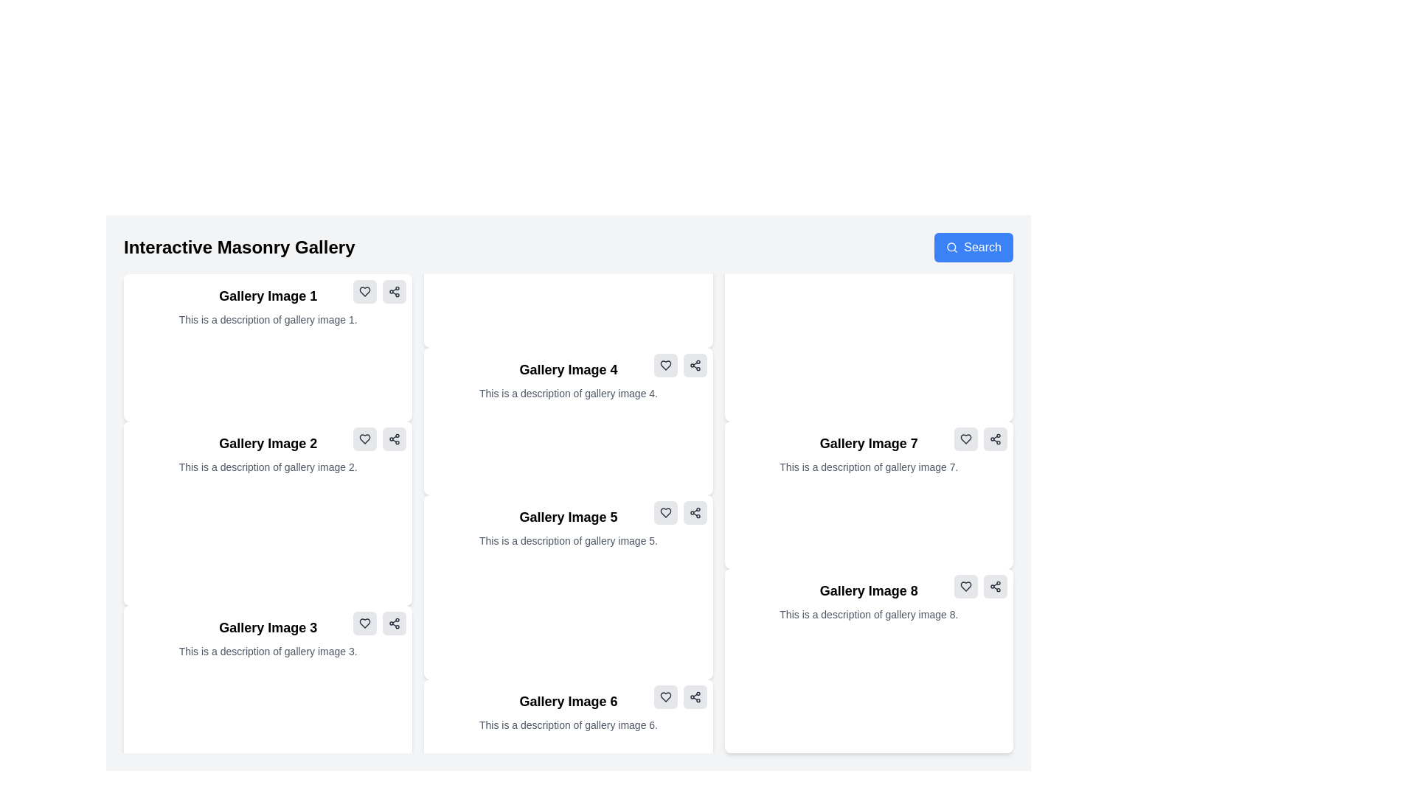 The height and width of the screenshot is (796, 1416). Describe the element at coordinates (268, 442) in the screenshot. I see `text content of the title label for 'Gallery Image 2', which is positioned at the top of its respective box and precedes the description` at that location.